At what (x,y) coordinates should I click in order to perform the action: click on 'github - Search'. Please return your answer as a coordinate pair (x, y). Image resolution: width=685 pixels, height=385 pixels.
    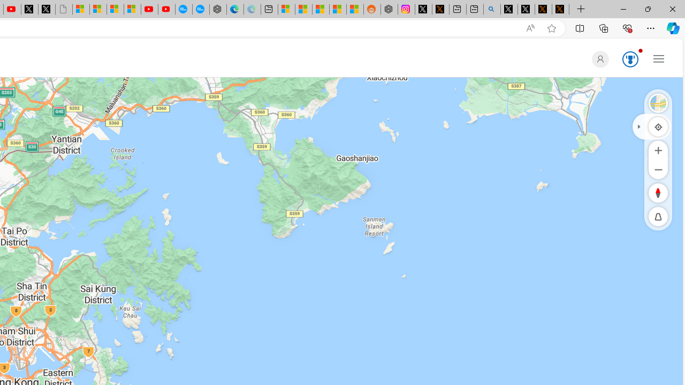
    Looking at the image, I should click on (491, 9).